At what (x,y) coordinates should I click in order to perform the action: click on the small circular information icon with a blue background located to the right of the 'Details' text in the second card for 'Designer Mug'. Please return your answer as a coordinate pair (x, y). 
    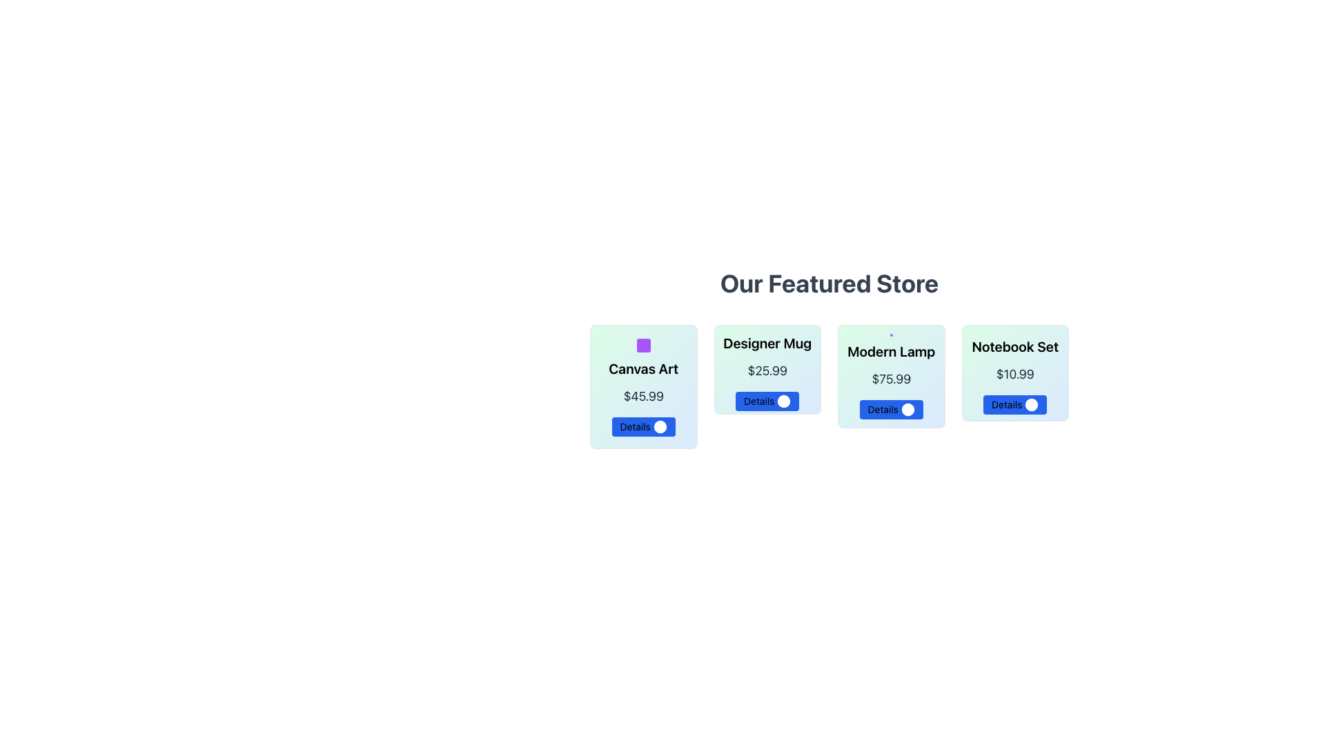
    Looking at the image, I should click on (784, 401).